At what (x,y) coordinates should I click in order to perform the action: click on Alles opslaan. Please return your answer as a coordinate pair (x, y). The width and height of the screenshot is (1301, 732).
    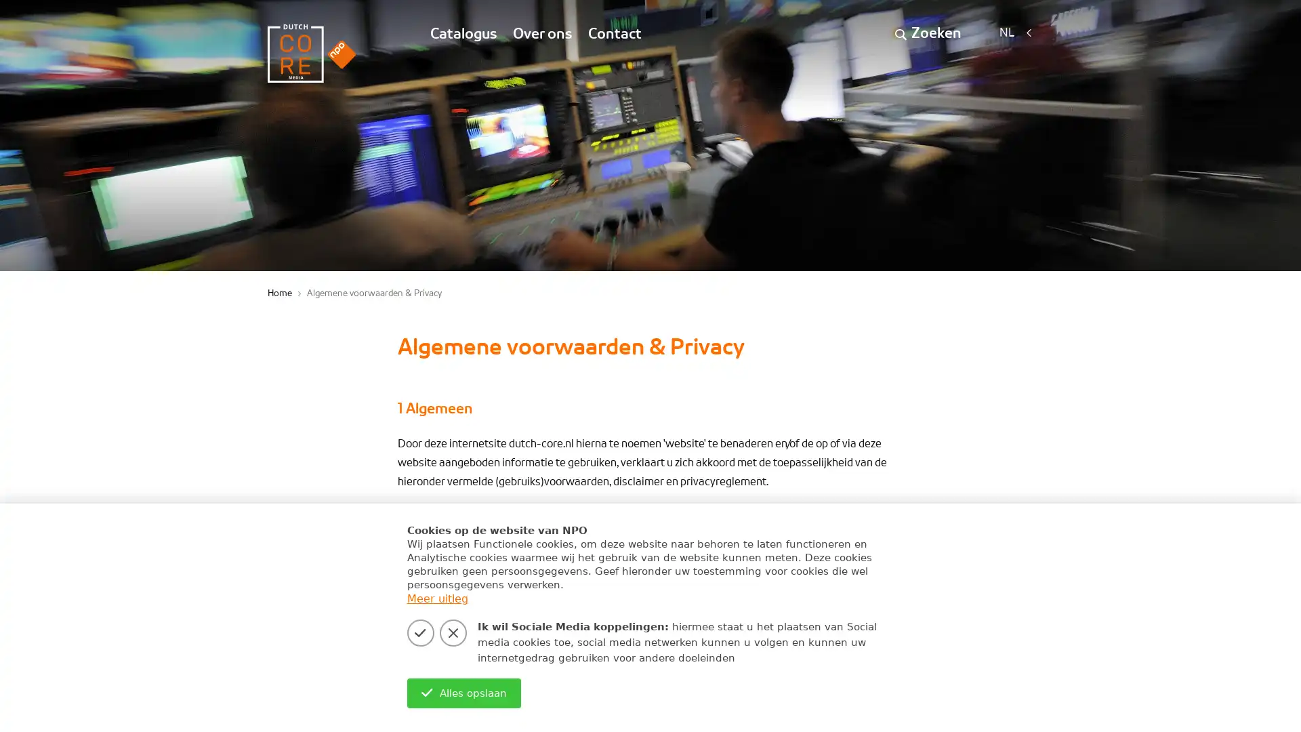
    Looking at the image, I should click on (463, 693).